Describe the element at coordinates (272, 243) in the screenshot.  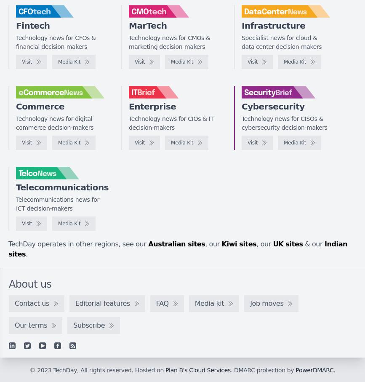
I see `'UK sites'` at that location.